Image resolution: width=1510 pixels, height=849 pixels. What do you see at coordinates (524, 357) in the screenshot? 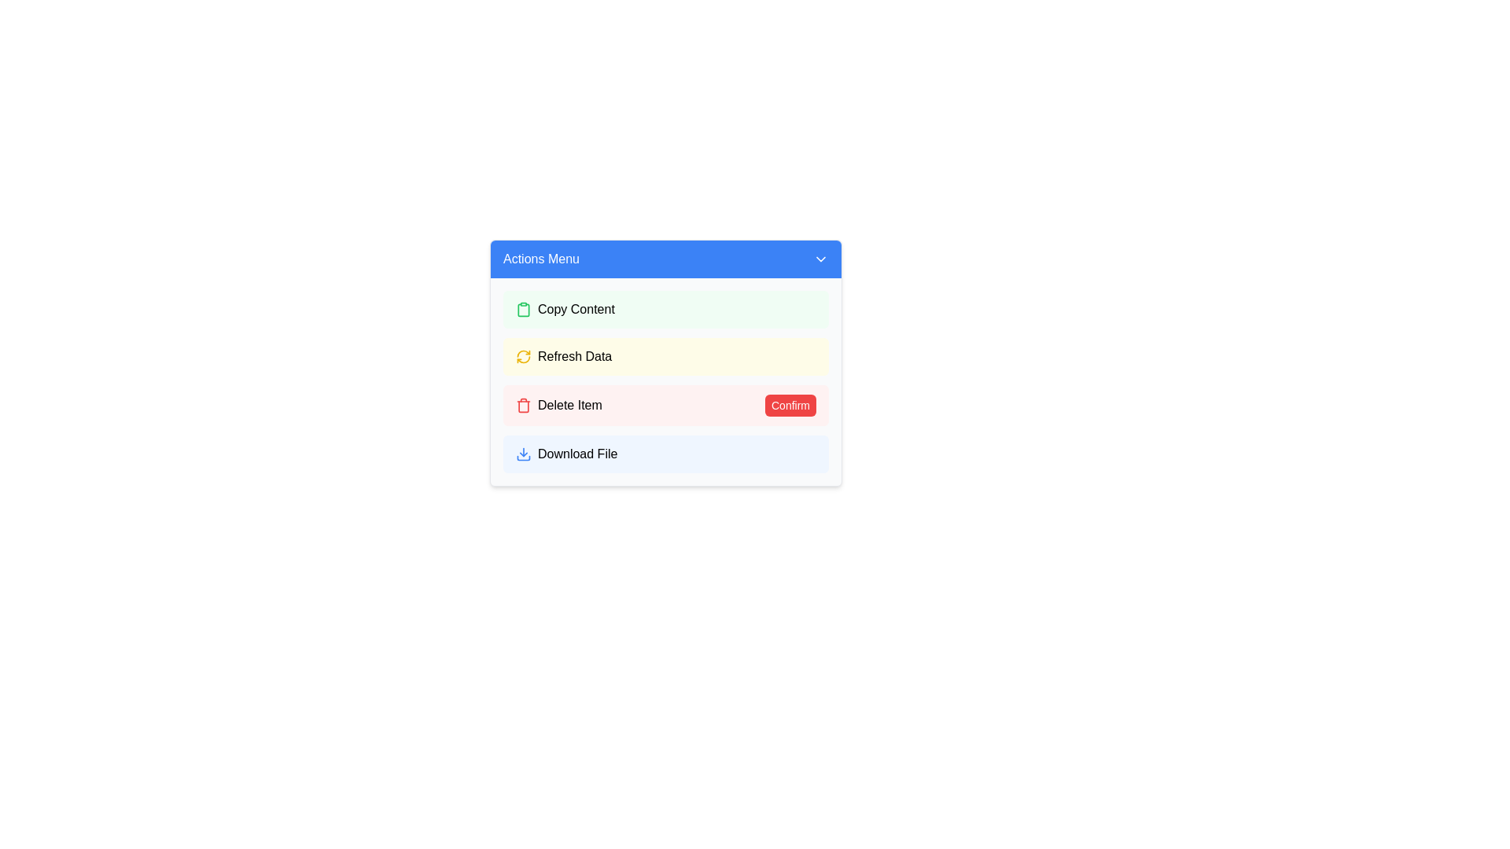
I see `the refresh icon located to the left of the 'Refresh Data' button, which symbolizes the refresh or reload function` at bounding box center [524, 357].